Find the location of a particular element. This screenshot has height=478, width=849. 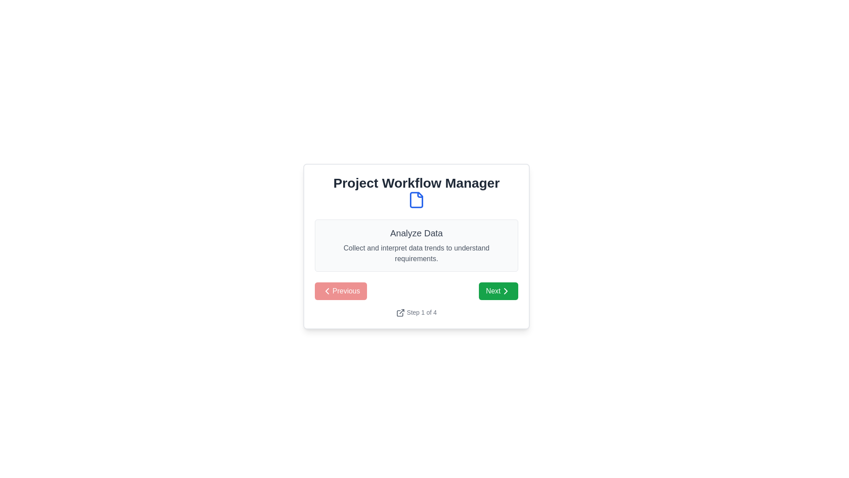

the navigation button located on the left side of the horizontal layout is located at coordinates (340, 291).